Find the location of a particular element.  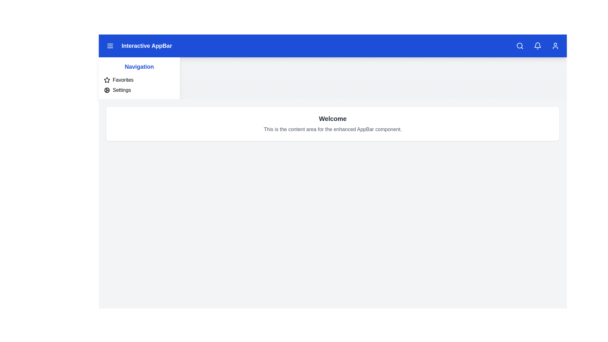

the menu icon to expand the menu is located at coordinates (110, 46).